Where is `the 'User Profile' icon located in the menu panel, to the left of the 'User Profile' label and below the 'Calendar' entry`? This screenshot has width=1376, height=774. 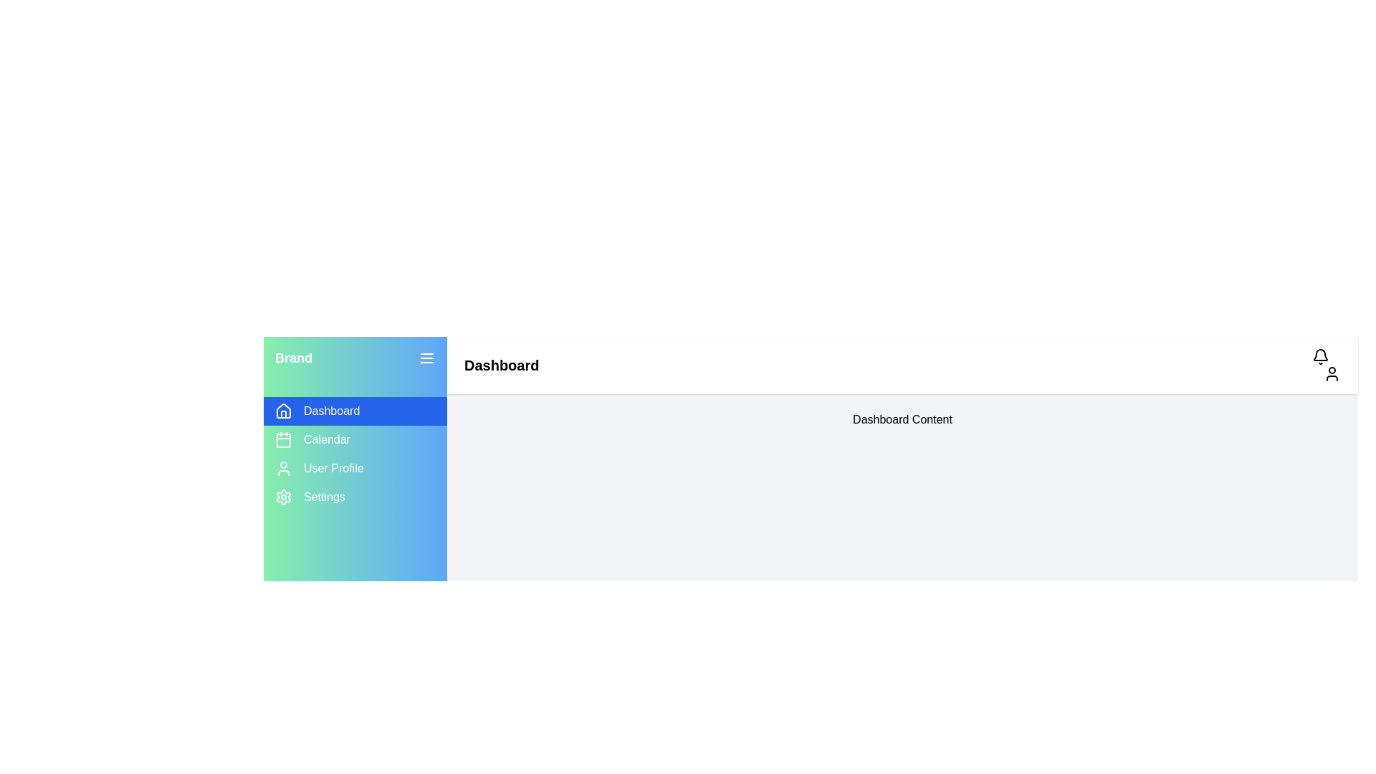
the 'User Profile' icon located in the menu panel, to the left of the 'User Profile' label and below the 'Calendar' entry is located at coordinates (283, 469).